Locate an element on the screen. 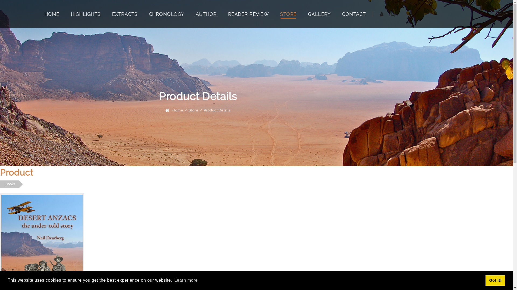 The image size is (517, 290). 'STORE' is located at coordinates (288, 13).